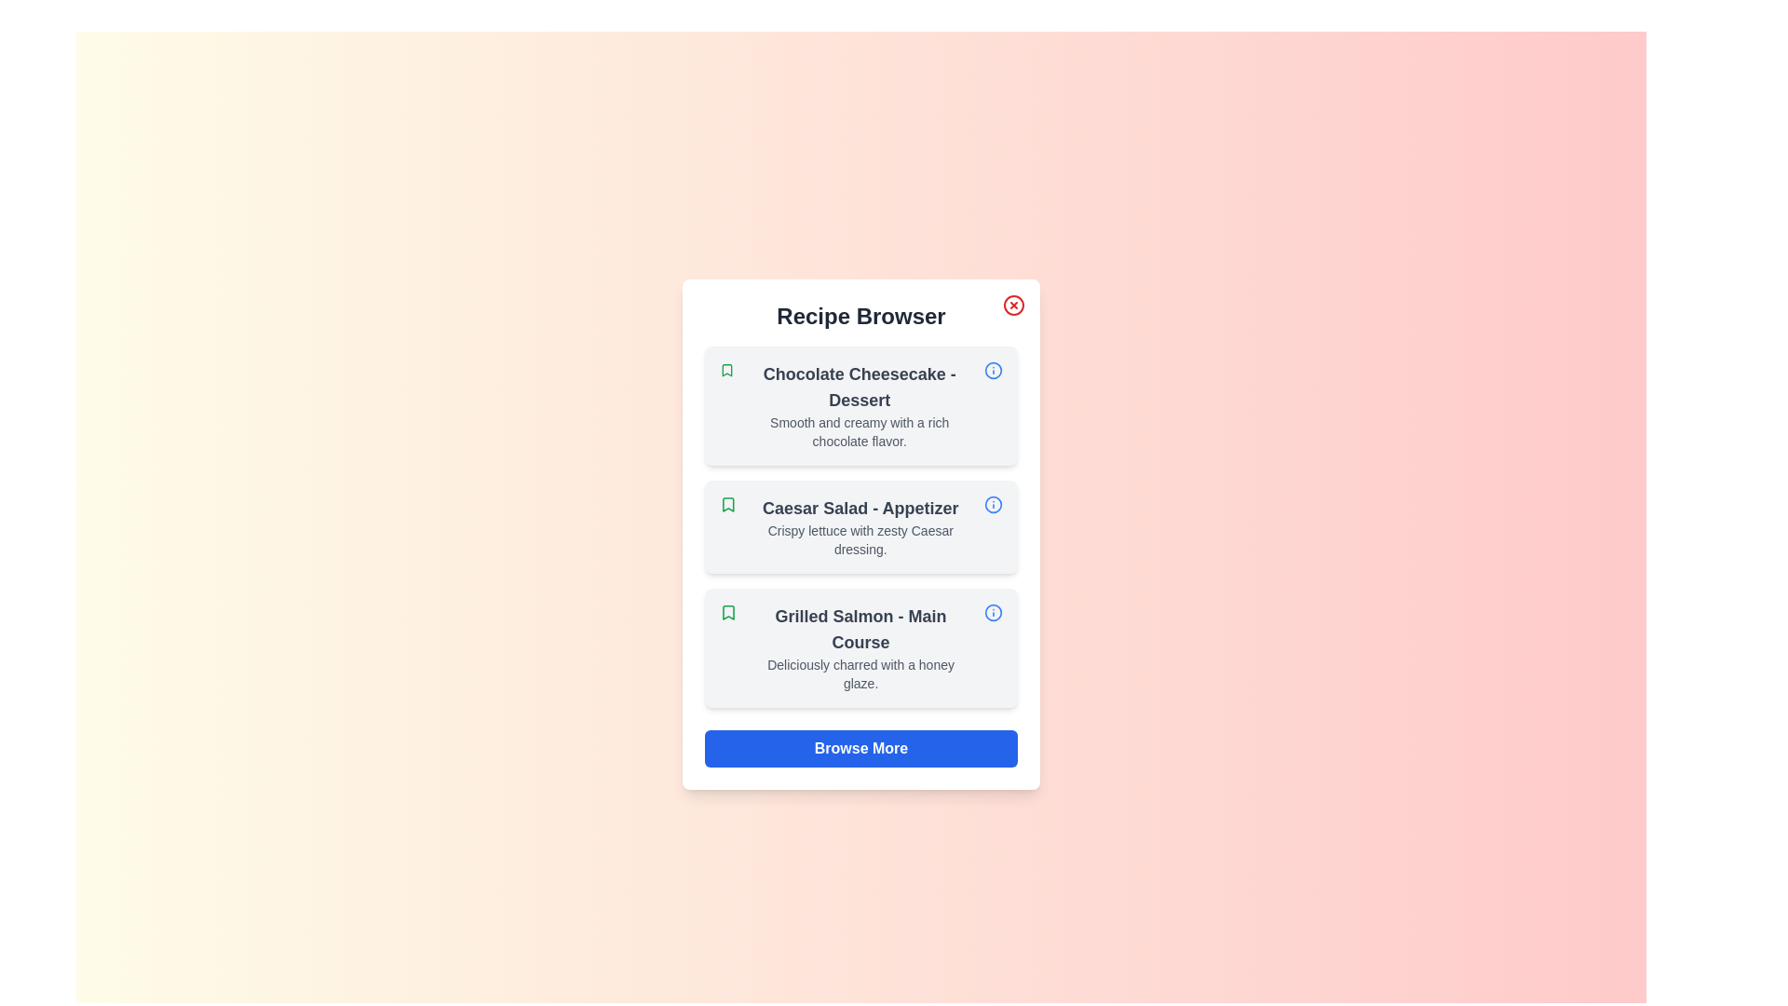  Describe the element at coordinates (992, 613) in the screenshot. I see `the information button for Grilled Salmon to view its details` at that location.